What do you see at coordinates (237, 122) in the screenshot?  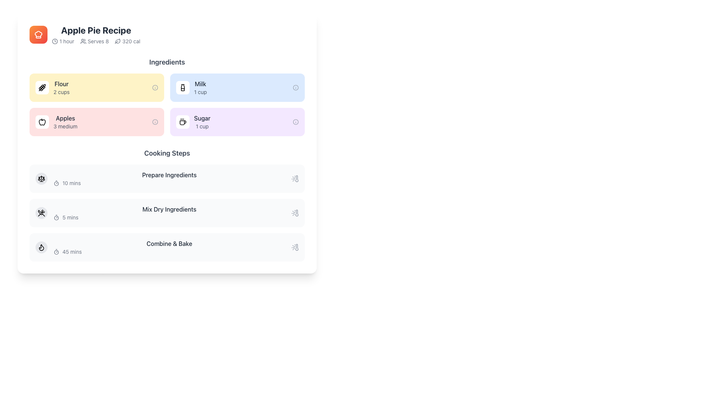 I see `contents of the Informational card displaying the ingredient 'Sugar' with a quantity of '1 cup', located as the fourth item in the grid layout` at bounding box center [237, 122].